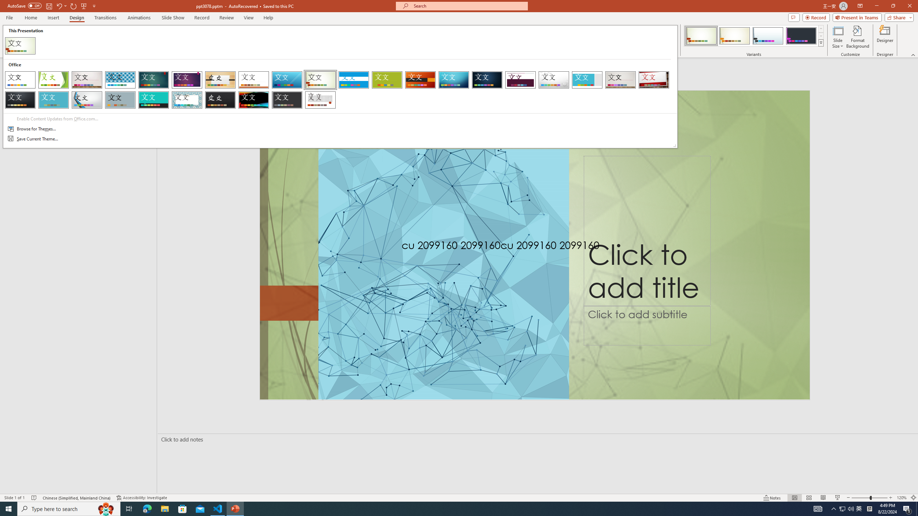 The width and height of the screenshot is (918, 516). I want to click on 'Show desktop', so click(917, 508).